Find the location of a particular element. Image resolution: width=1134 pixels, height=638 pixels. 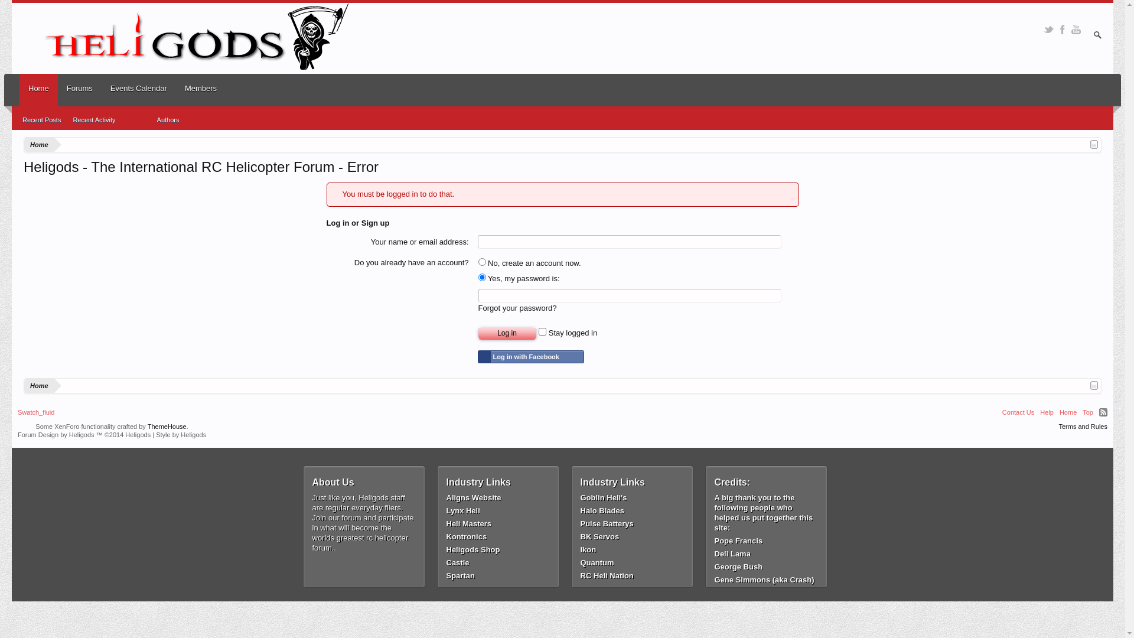

'Forums' is located at coordinates (79, 88).